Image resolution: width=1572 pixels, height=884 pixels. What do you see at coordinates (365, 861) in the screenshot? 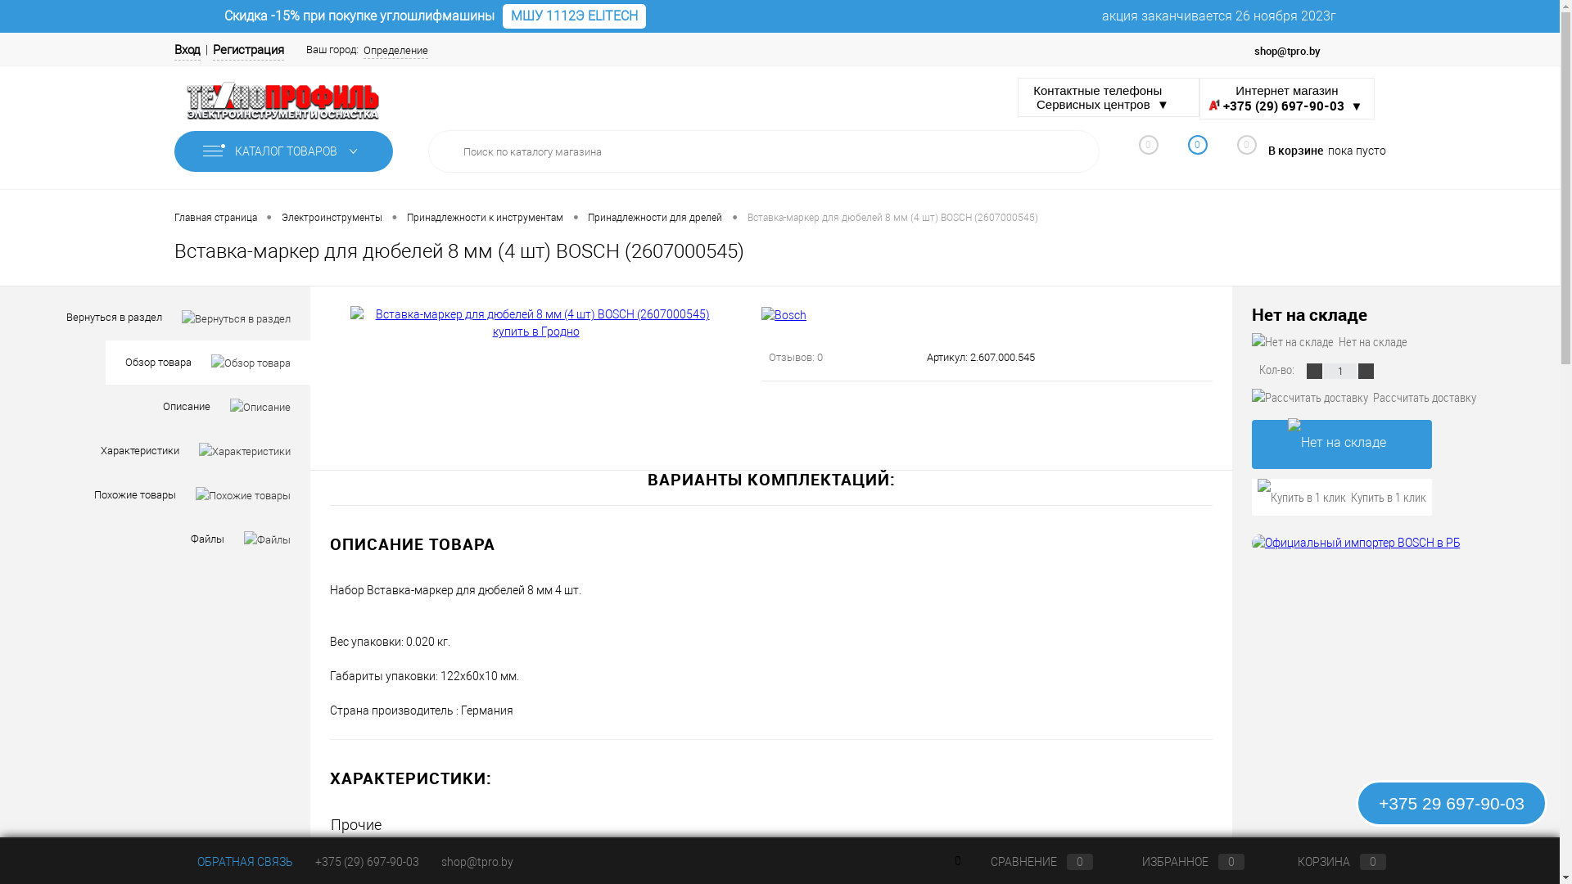
I see `'+375 (29) 697-90-03'` at bounding box center [365, 861].